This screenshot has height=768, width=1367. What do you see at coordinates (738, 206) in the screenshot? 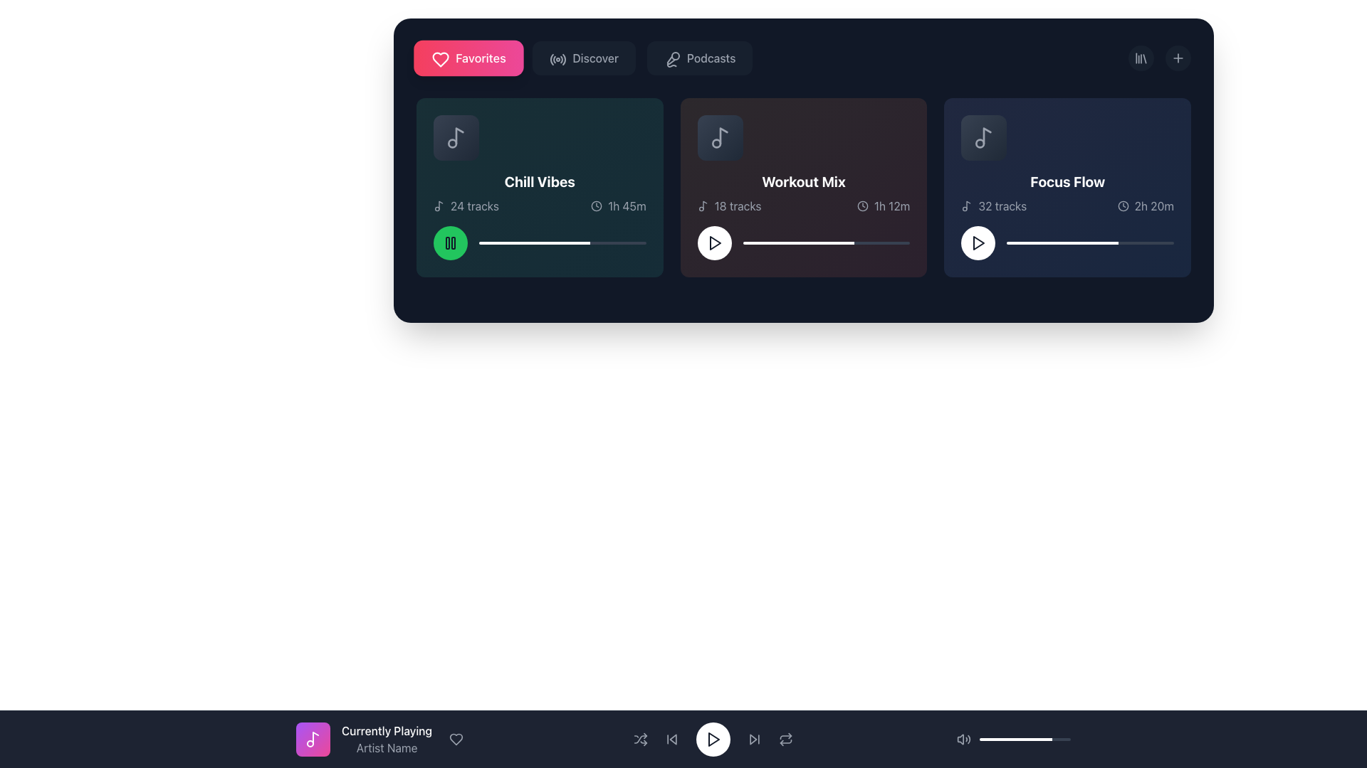
I see `the text label displaying '18 tracks' in light gray color on a dark background, located within the 'Workout Mix' card, to the right of a small music icon and above a white progress bar` at bounding box center [738, 206].